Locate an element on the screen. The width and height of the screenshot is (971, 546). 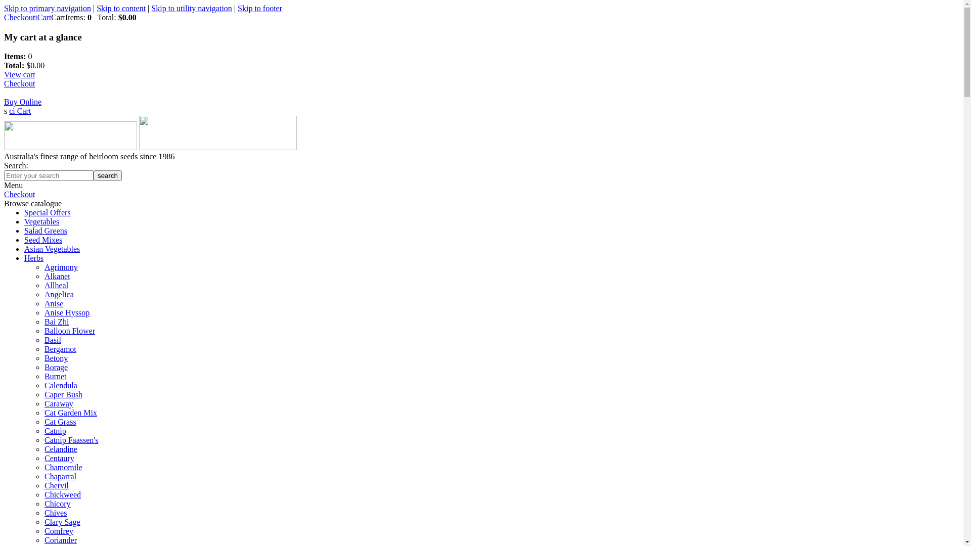
'search' is located at coordinates (107, 175).